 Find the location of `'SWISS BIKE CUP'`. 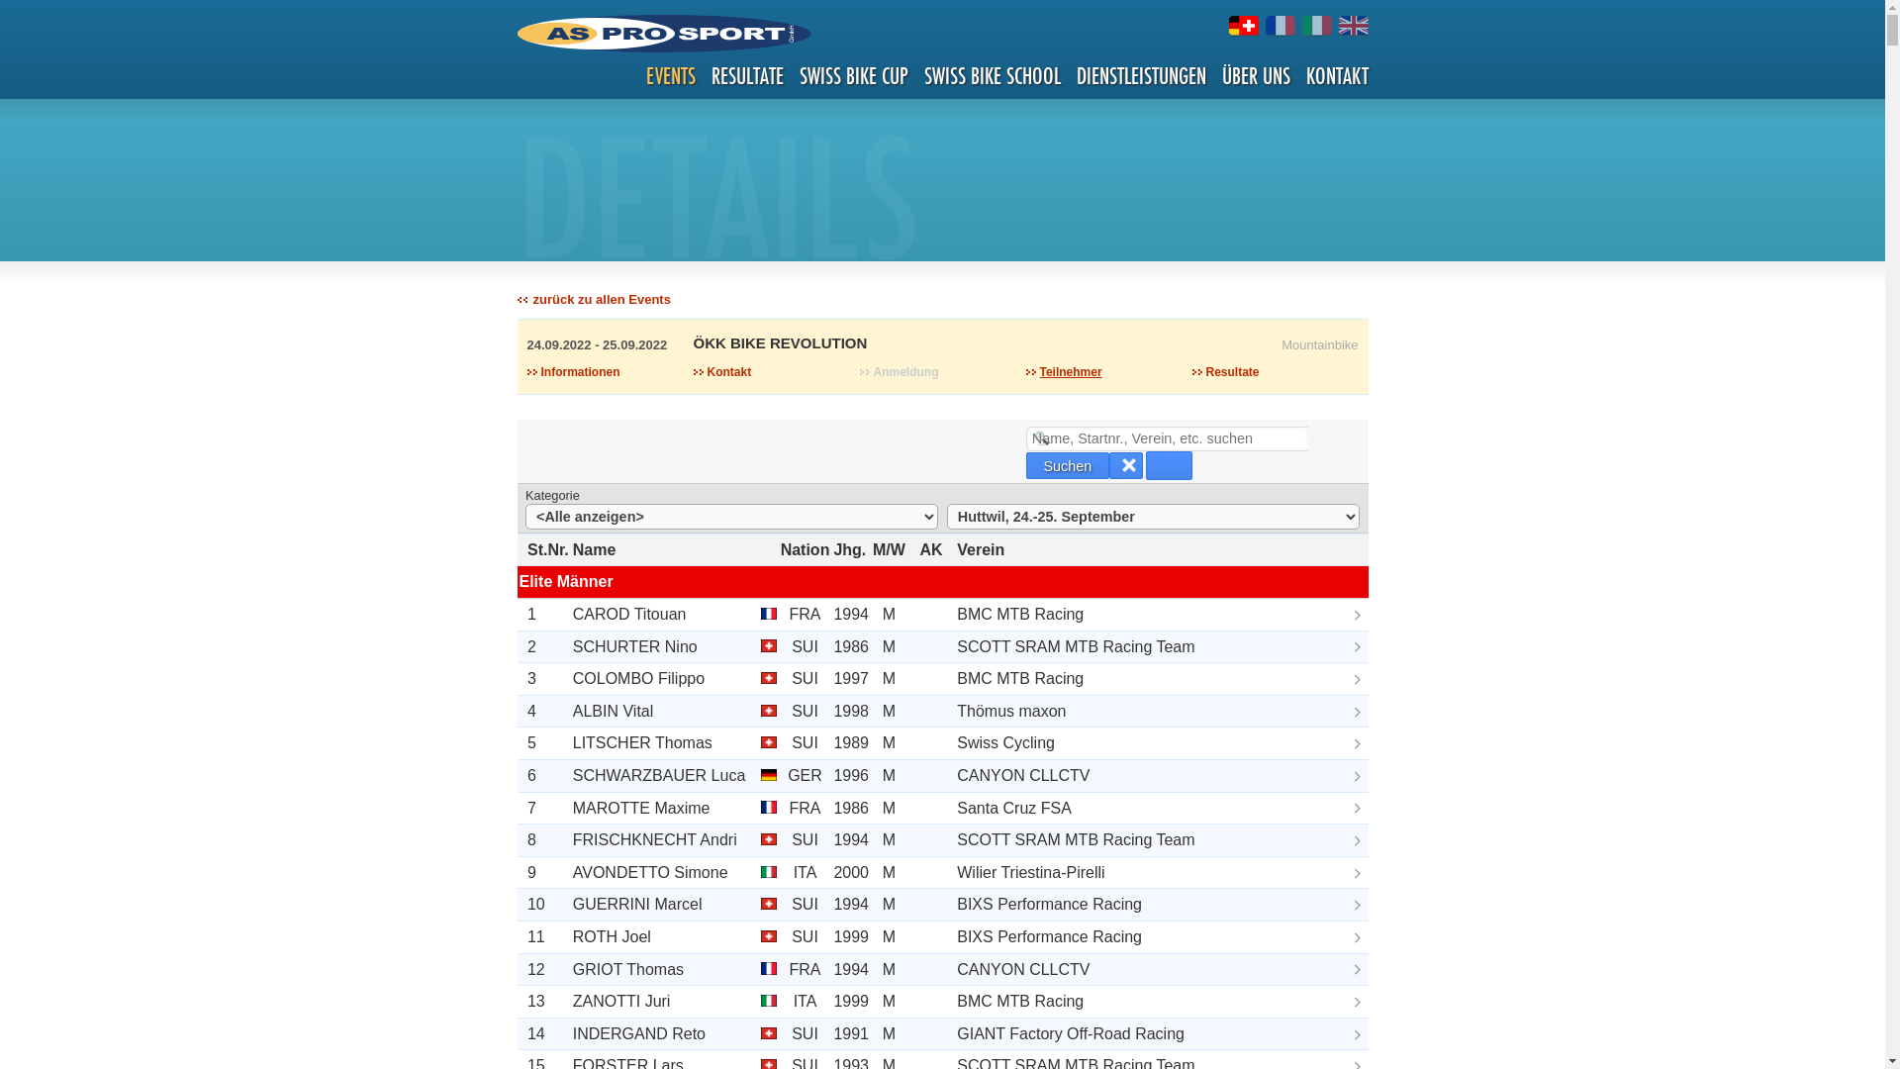

'SWISS BIKE CUP' is located at coordinates (854, 74).